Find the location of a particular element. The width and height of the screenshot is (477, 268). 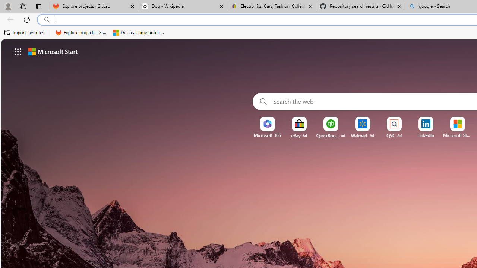

'Dog - Wikipedia' is located at coordinates (183, 6).